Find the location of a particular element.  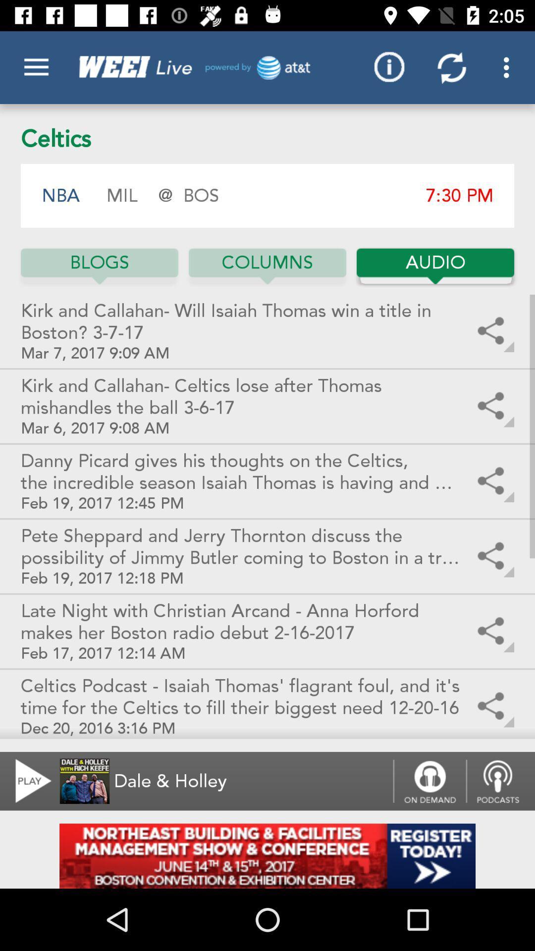

the play icon is located at coordinates (27, 781).